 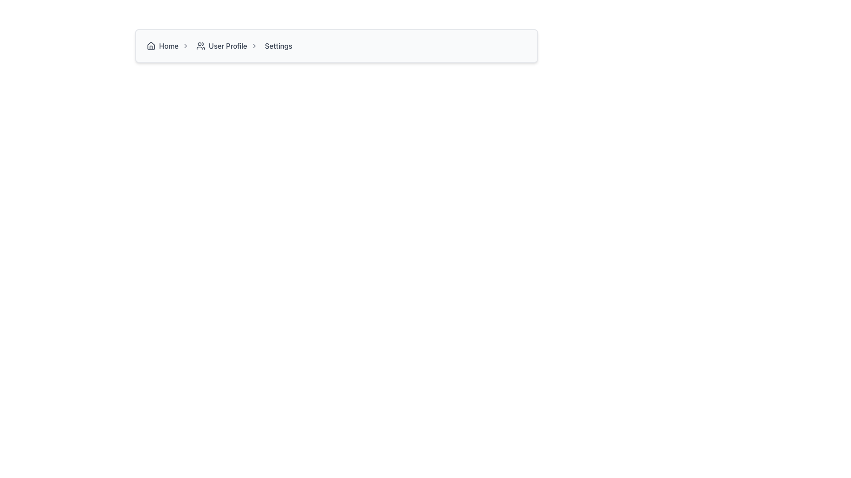 What do you see at coordinates (168, 46) in the screenshot?
I see `the 'Home' text label in the breadcrumb navigation system` at bounding box center [168, 46].